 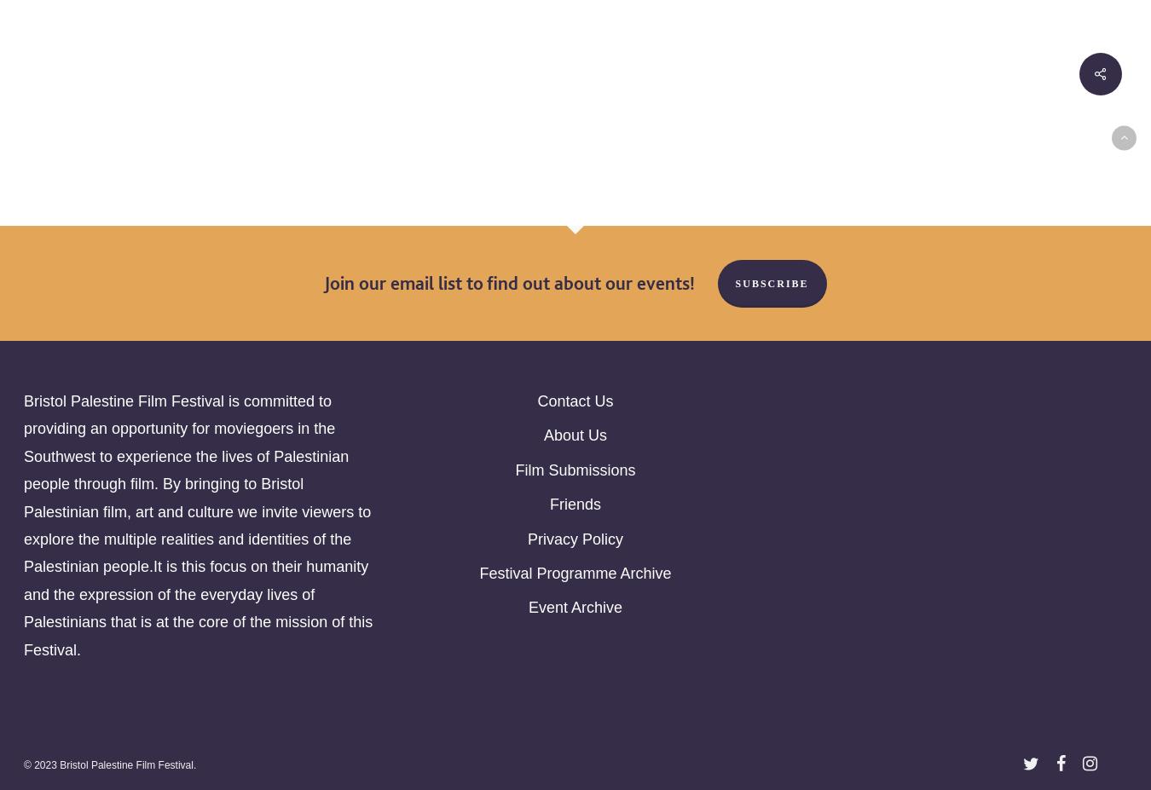 What do you see at coordinates (575, 538) in the screenshot?
I see `'Privacy Policy'` at bounding box center [575, 538].